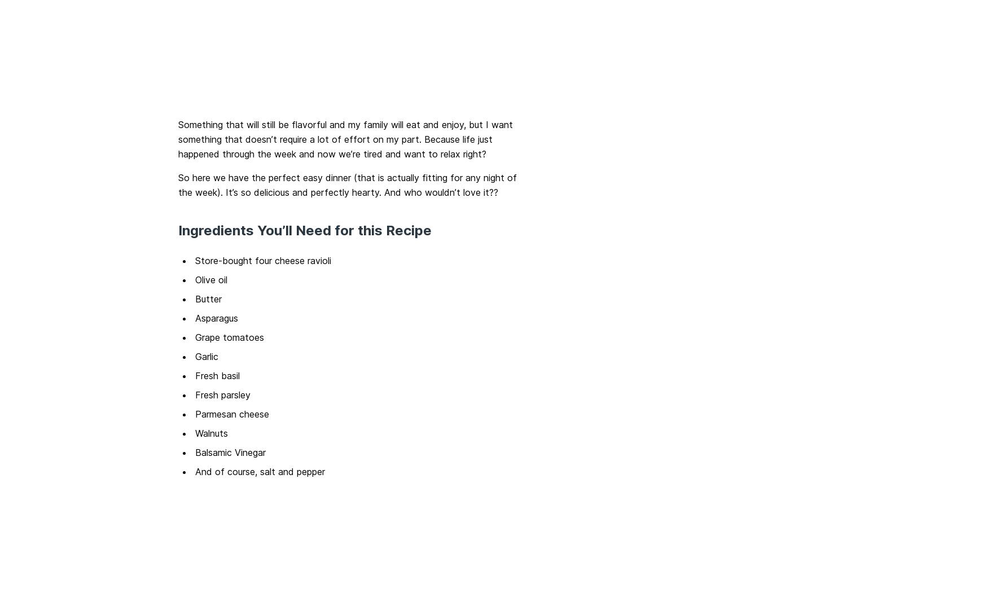  I want to click on 'Fresh basil', so click(217, 375).